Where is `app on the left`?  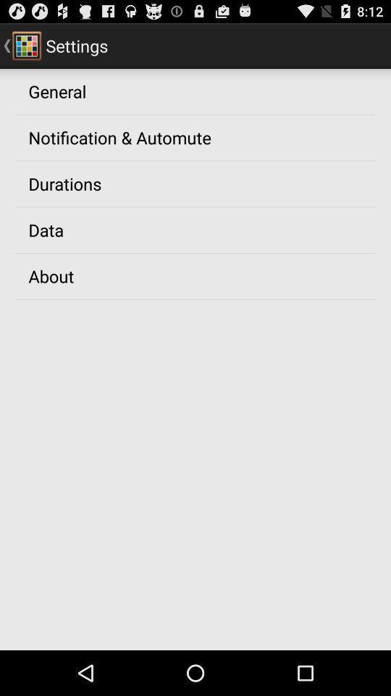 app on the left is located at coordinates (50, 275).